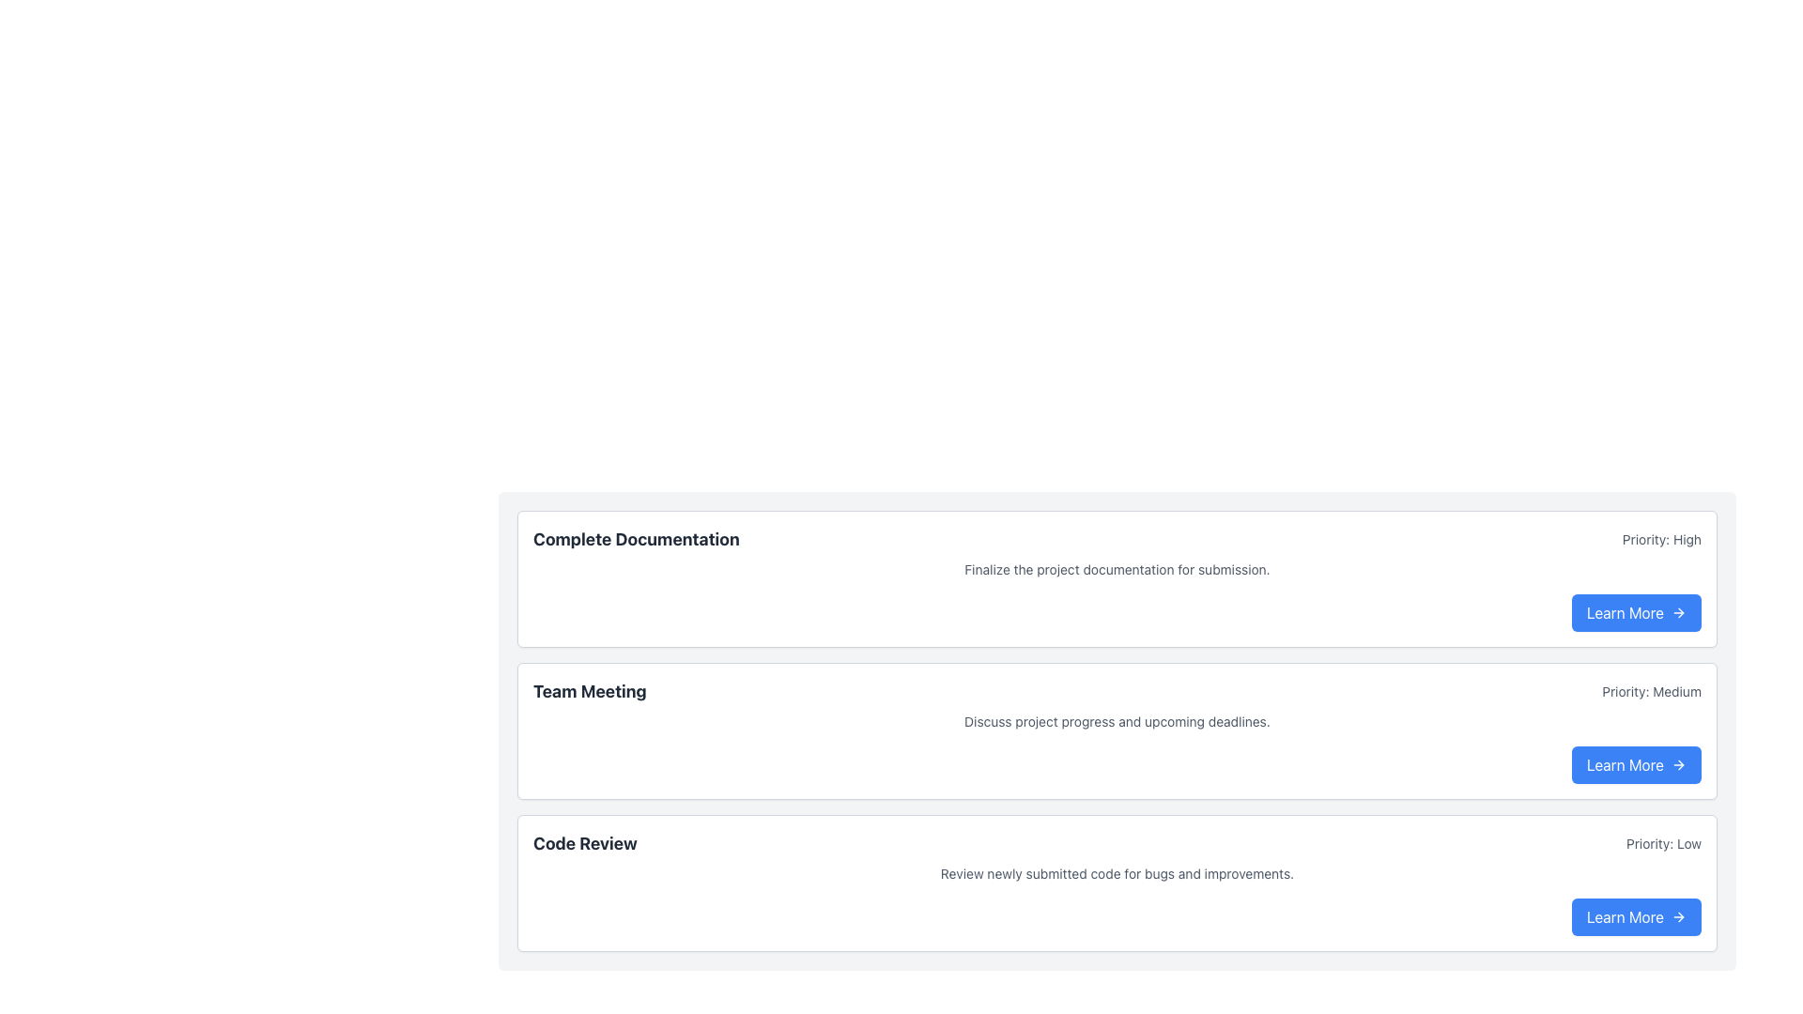  What do you see at coordinates (1635, 612) in the screenshot?
I see `the 'Learn More' button with a blue background and white text located in the top-right of the 'Complete Documentation' box` at bounding box center [1635, 612].